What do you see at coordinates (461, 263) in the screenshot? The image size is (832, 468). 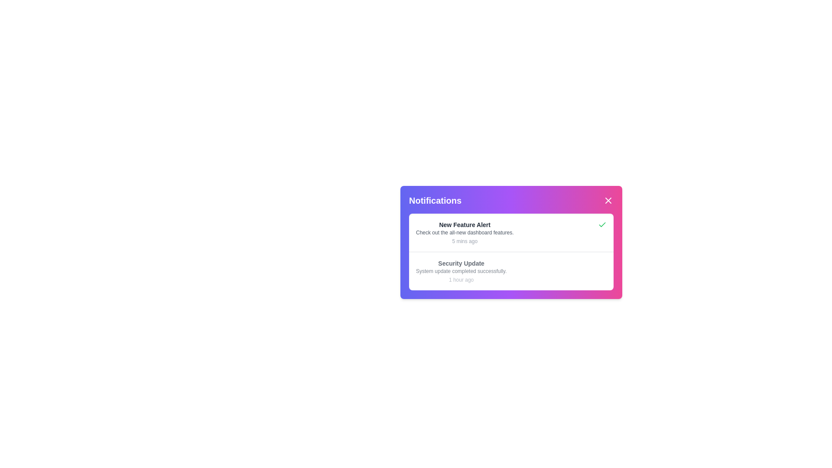 I see `title text of the second notification item in the notification panel, which serves as a summary of the notification's content` at bounding box center [461, 263].